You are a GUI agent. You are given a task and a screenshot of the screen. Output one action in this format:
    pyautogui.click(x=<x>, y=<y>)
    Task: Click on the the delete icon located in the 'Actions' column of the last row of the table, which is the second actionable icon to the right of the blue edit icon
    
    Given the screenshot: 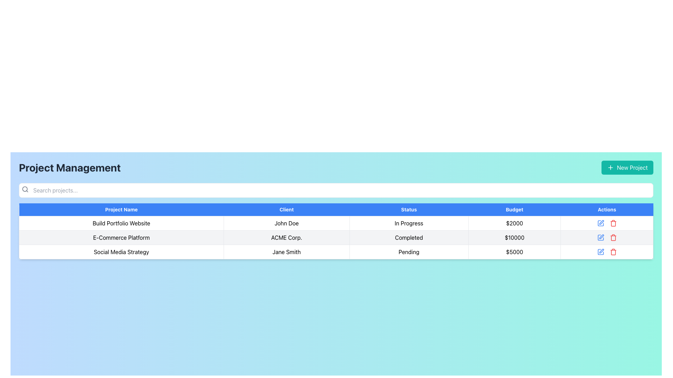 What is the action you would take?
    pyautogui.click(x=612, y=223)
    